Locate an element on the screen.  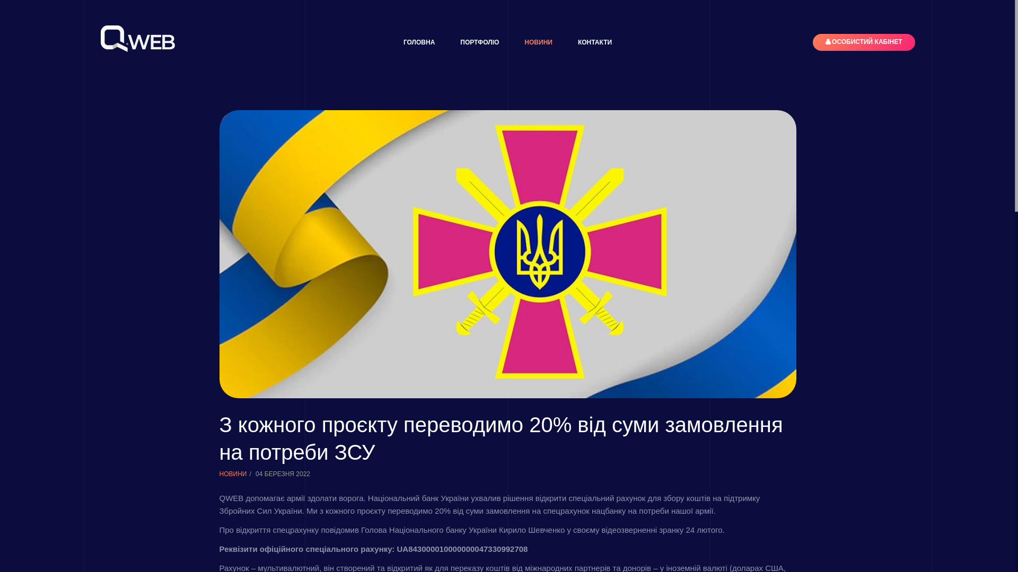
'QWEB' is located at coordinates (137, 38).